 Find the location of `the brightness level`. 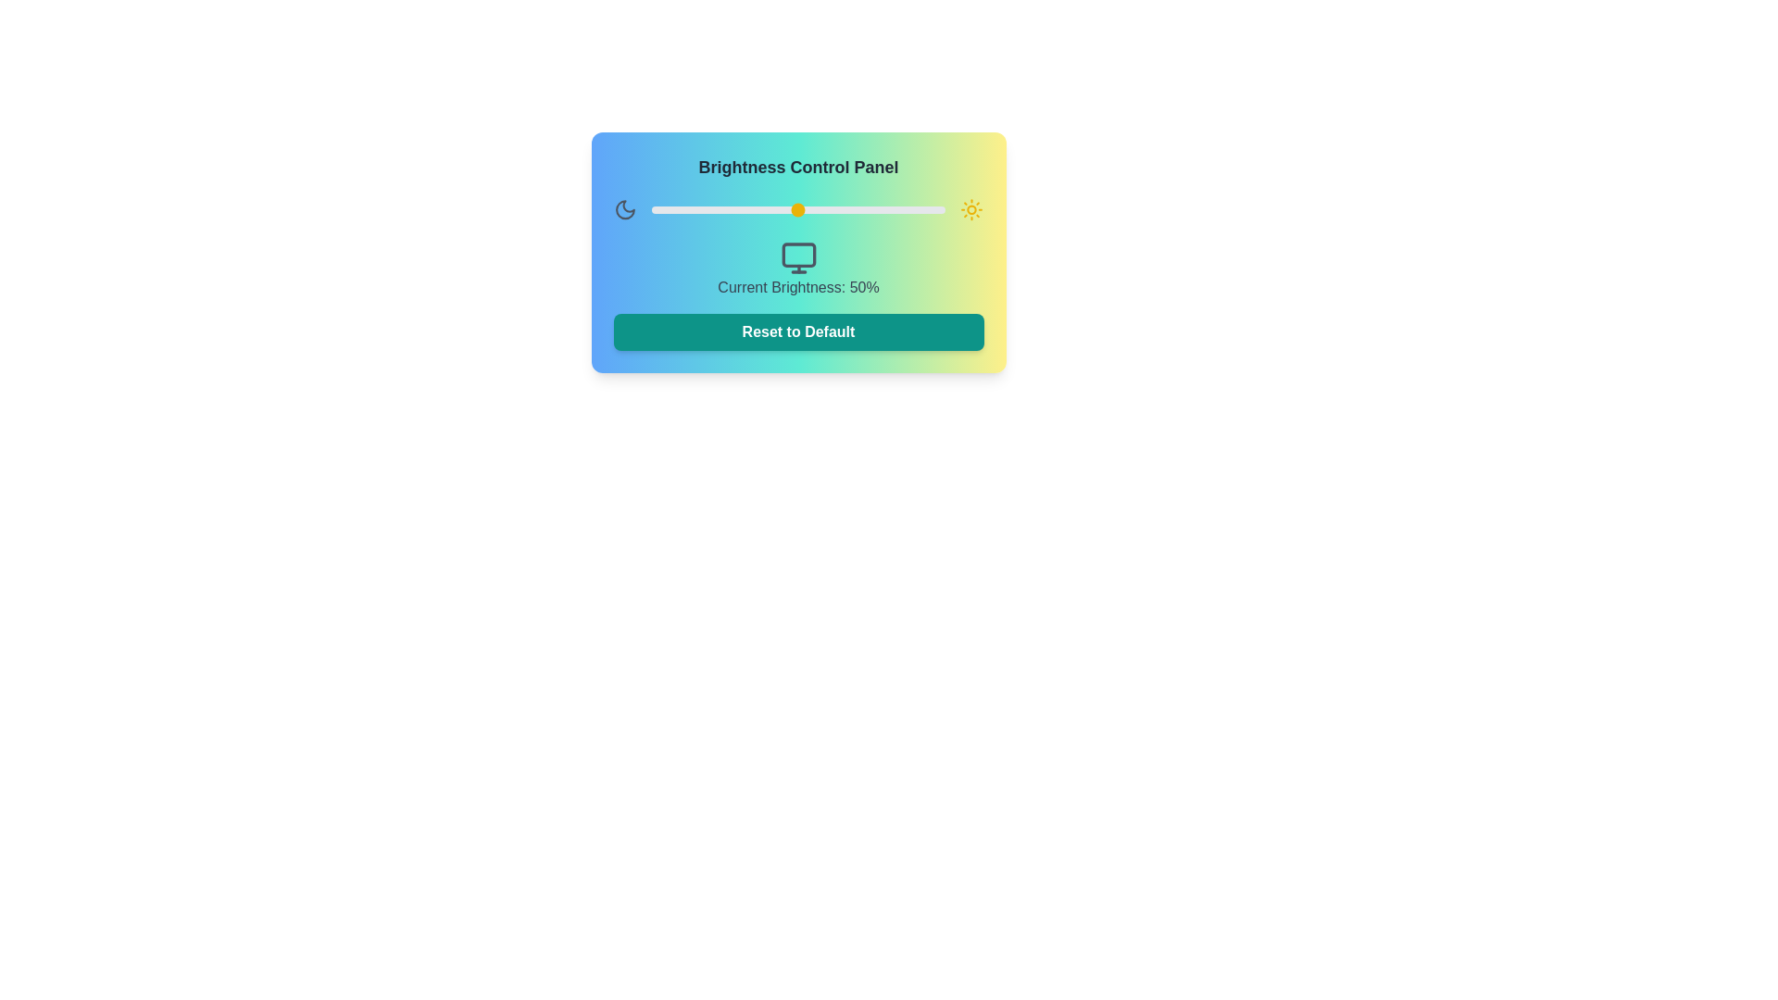

the brightness level is located at coordinates (898, 209).